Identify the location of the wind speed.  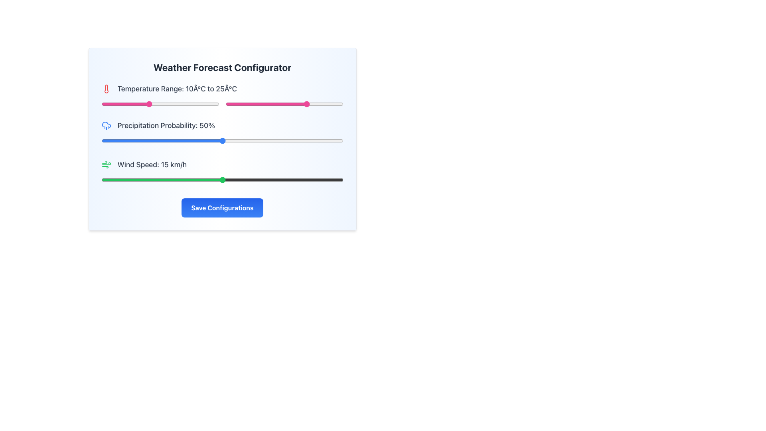
(230, 180).